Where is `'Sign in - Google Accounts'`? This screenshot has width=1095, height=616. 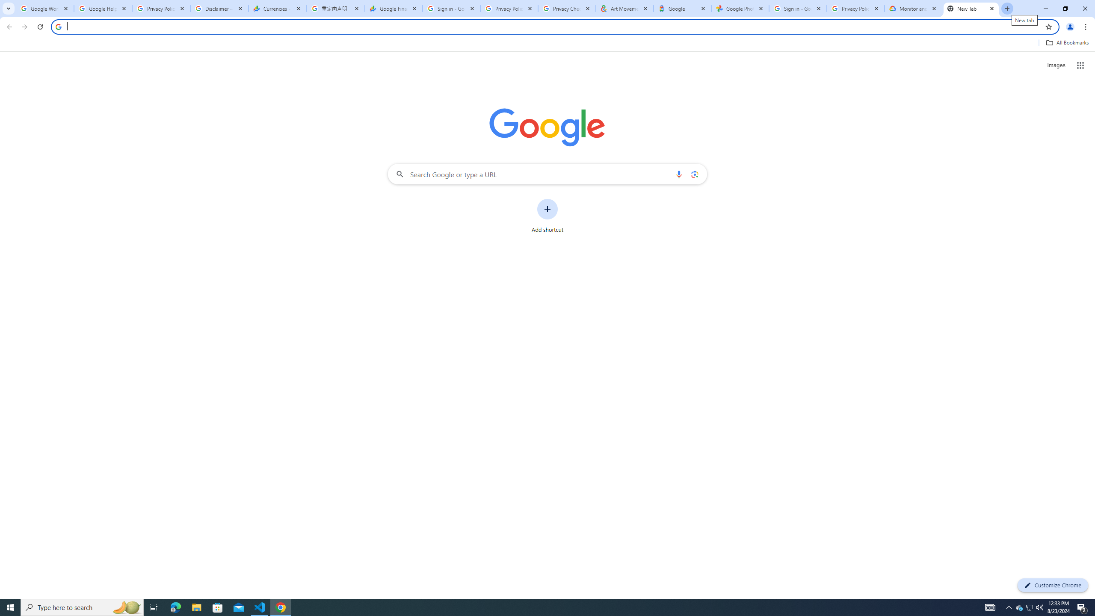 'Sign in - Google Accounts' is located at coordinates (450, 8).